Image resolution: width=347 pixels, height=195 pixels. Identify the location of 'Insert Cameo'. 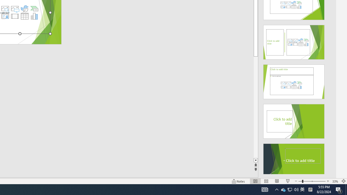
(5, 16).